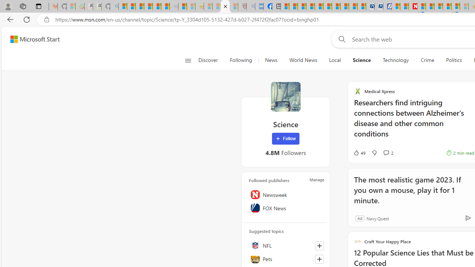  What do you see at coordinates (157, 6) in the screenshot?
I see `'New Report Confirms 2023 Was Record Hot | Watch'` at bounding box center [157, 6].